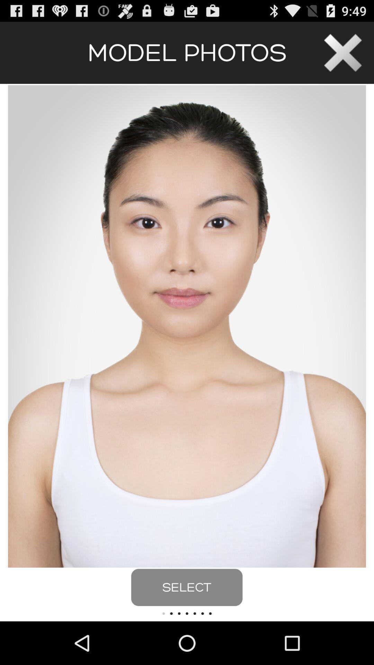  Describe the element at coordinates (343, 56) in the screenshot. I see `the close icon` at that location.